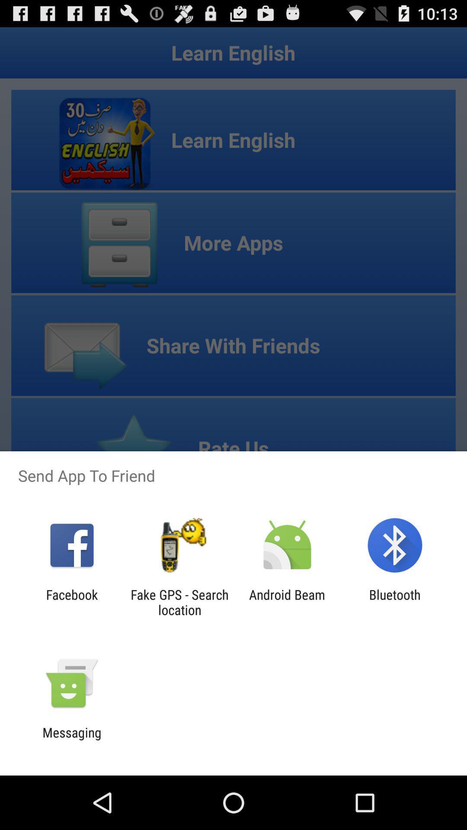  What do you see at coordinates (71, 602) in the screenshot?
I see `the facebook icon` at bounding box center [71, 602].